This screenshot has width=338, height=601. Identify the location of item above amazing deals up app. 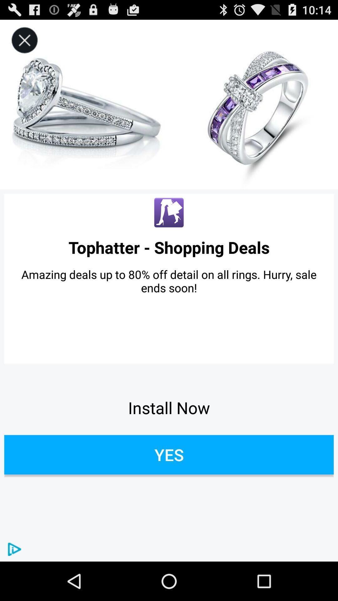
(169, 247).